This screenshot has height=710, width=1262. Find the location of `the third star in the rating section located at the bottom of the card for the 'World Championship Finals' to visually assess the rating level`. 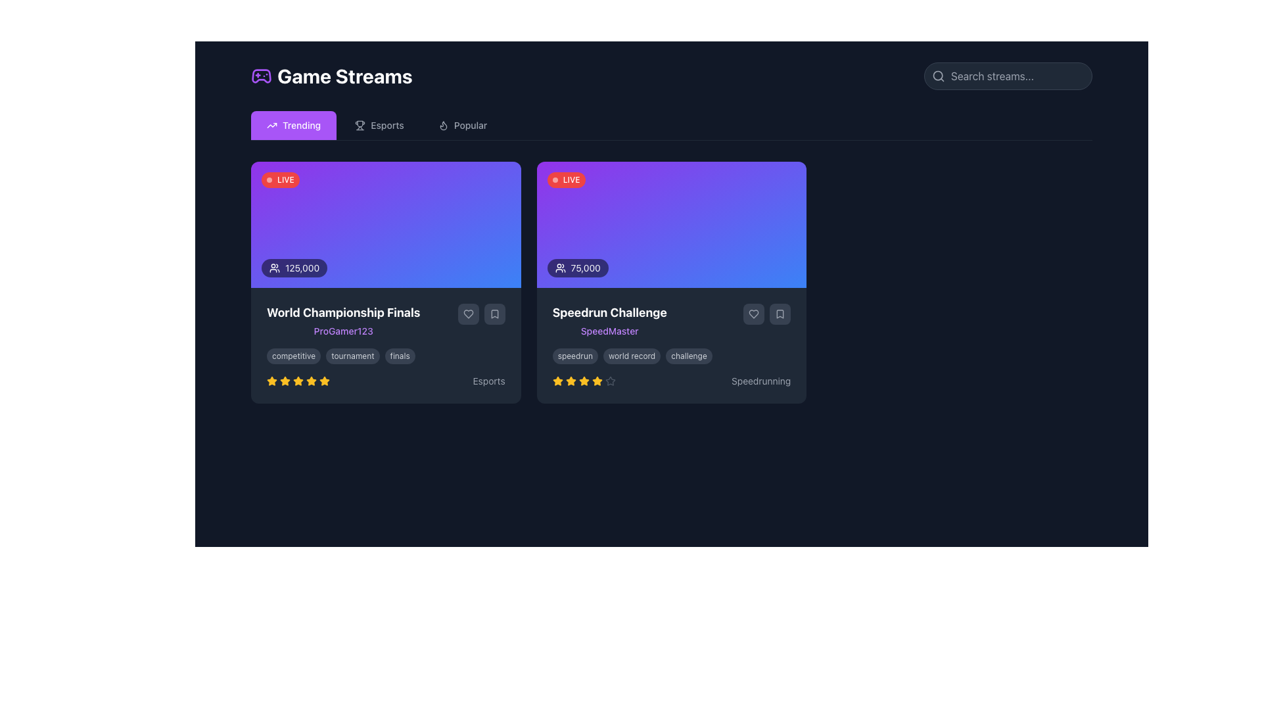

the third star in the rating section located at the bottom of the card for the 'World Championship Finals' to visually assess the rating level is located at coordinates (298, 381).